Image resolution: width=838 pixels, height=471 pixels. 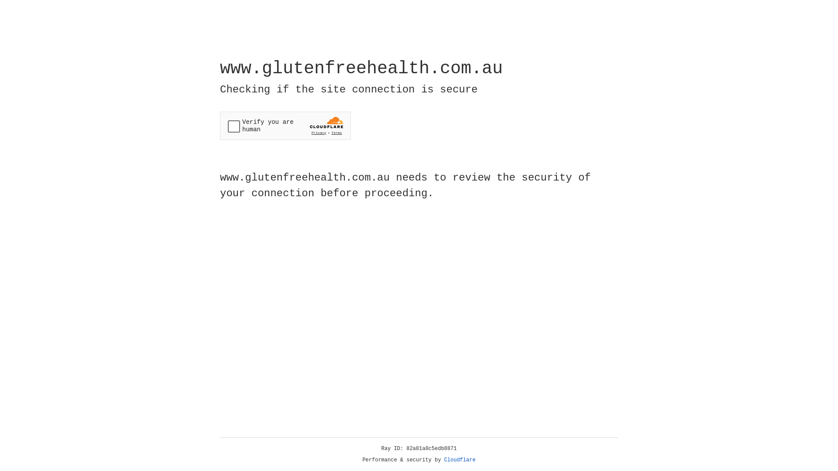 I want to click on 'Cloudflare', so click(x=460, y=460).